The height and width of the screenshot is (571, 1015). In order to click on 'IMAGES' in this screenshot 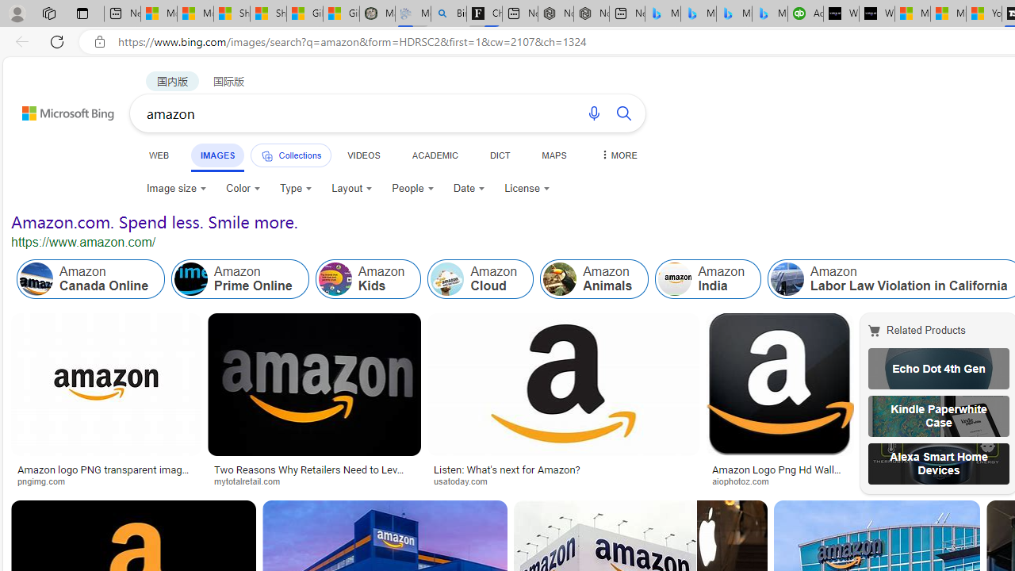, I will do `click(216, 155)`.